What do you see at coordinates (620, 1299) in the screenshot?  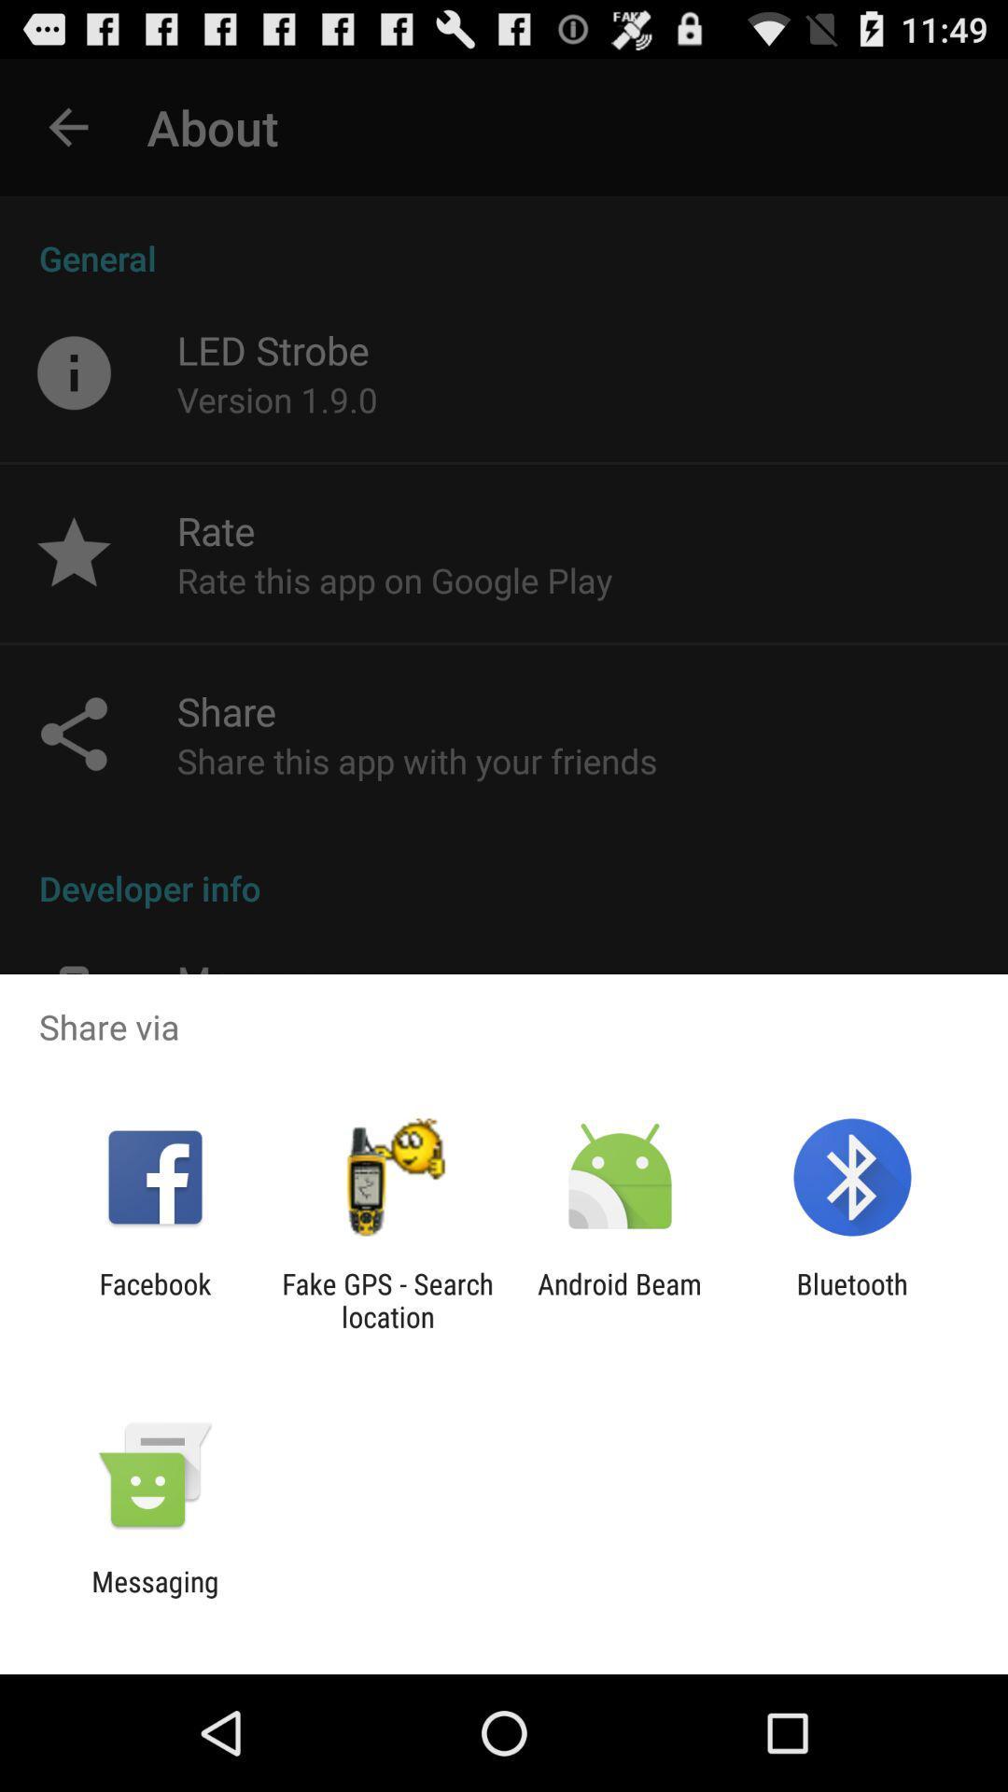 I see `the item next to the bluetooth app` at bounding box center [620, 1299].